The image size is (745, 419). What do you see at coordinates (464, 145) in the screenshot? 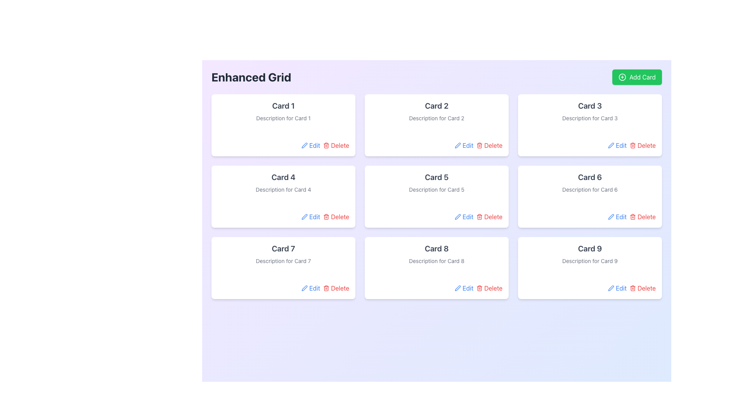
I see `the 'Edit' button located in the bottom-right corner of 'Card 2' that displays the text 'Edit' in blue with a pen icon to its left to initiate editing` at bounding box center [464, 145].